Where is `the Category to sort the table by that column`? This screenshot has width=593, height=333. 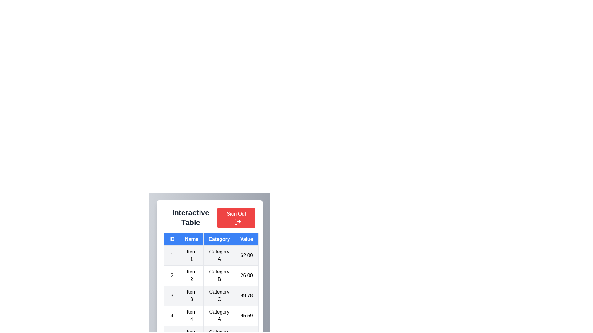 the Category to sort the table by that column is located at coordinates (219, 239).